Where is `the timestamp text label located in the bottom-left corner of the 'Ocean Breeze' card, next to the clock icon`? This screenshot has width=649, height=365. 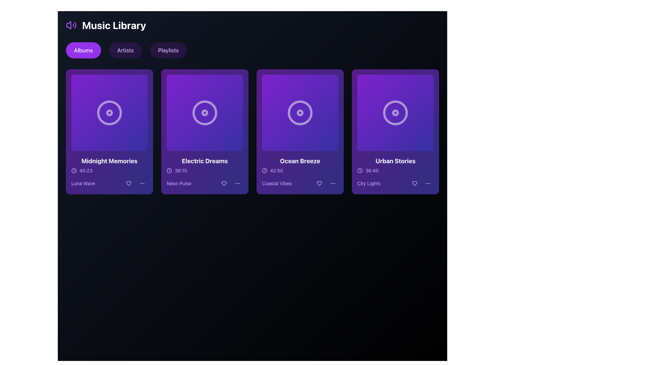 the timestamp text label located in the bottom-left corner of the 'Ocean Breeze' card, next to the clock icon is located at coordinates (277, 170).